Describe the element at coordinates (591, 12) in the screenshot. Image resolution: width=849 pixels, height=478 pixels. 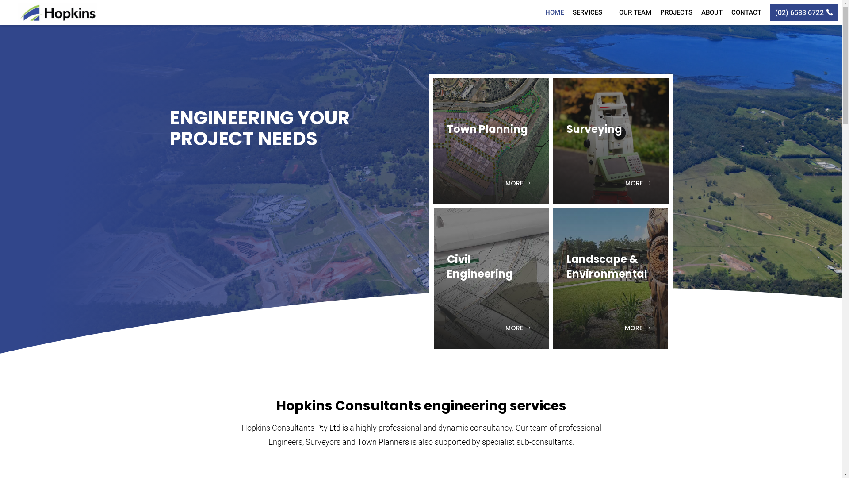
I see `'SERVICES'` at that location.